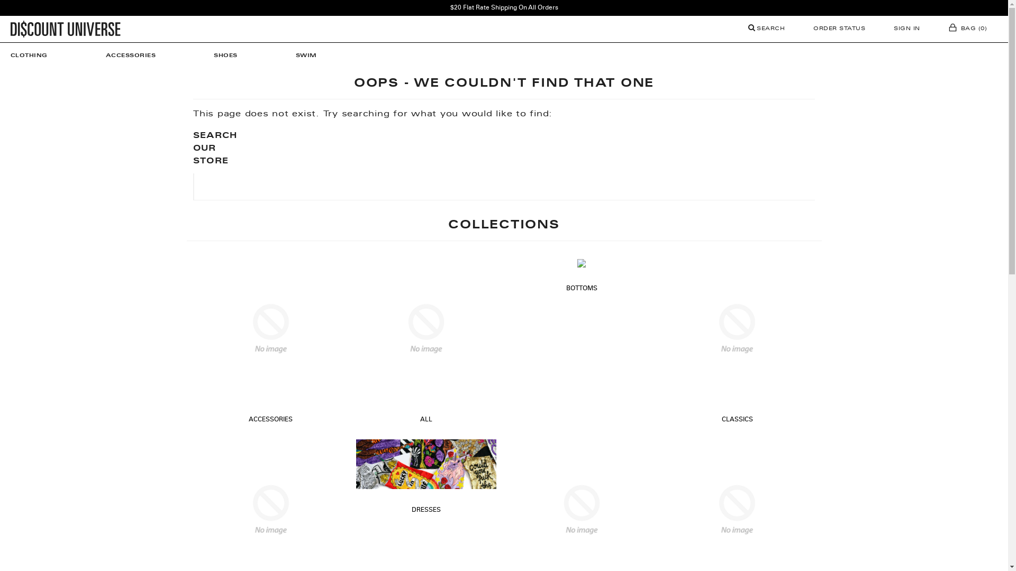  Describe the element at coordinates (767, 28) in the screenshot. I see `'SEARCH'` at that location.